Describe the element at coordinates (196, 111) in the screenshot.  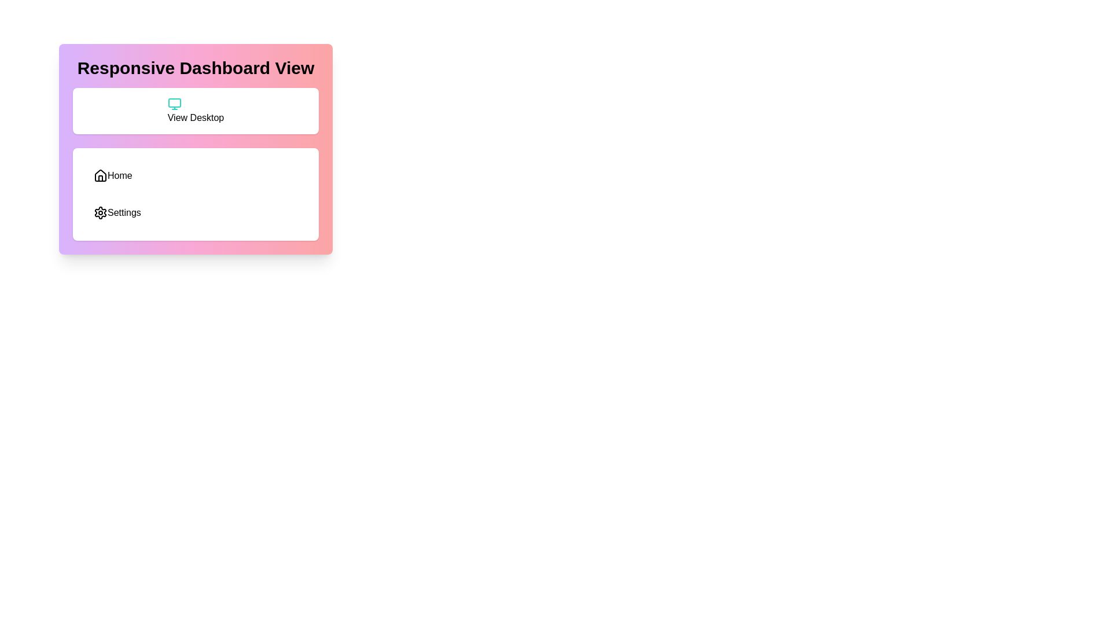
I see `the first button in the grid layout that provides access to the desktop view, positioned above the 'Home' and 'Settings' components` at that location.